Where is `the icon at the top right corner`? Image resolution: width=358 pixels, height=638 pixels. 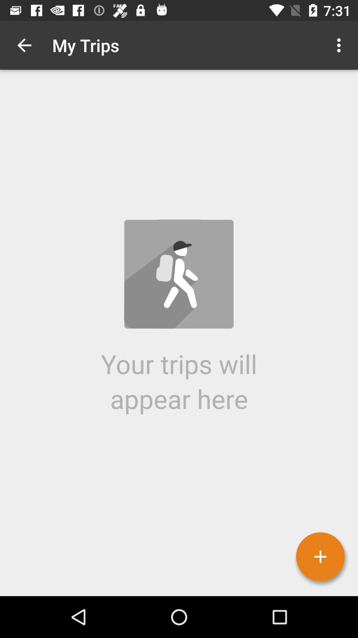 the icon at the top right corner is located at coordinates (340, 45).